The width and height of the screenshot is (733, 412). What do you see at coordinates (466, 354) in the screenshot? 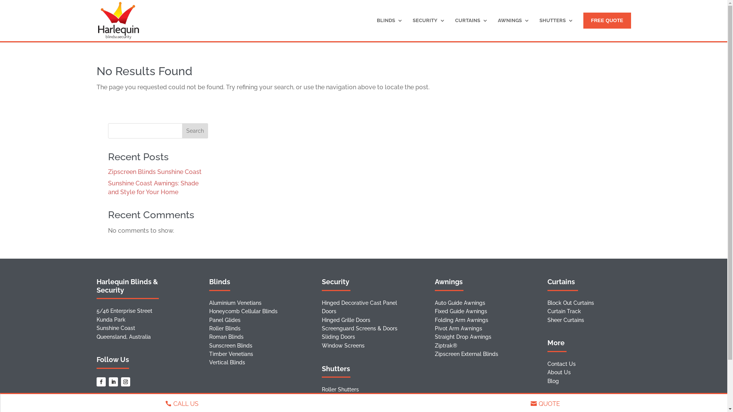
I see `'Zipscreen External Blinds'` at bounding box center [466, 354].